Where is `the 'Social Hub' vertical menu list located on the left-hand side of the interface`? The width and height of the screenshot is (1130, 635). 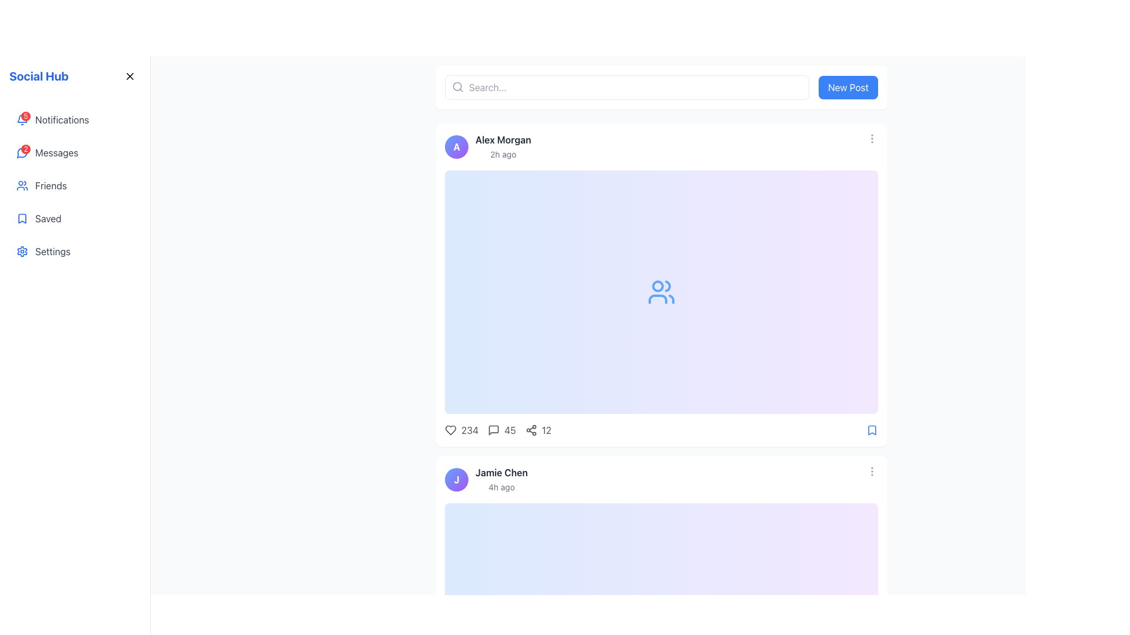
the 'Social Hub' vertical menu list located on the left-hand side of the interface is located at coordinates (74, 185).